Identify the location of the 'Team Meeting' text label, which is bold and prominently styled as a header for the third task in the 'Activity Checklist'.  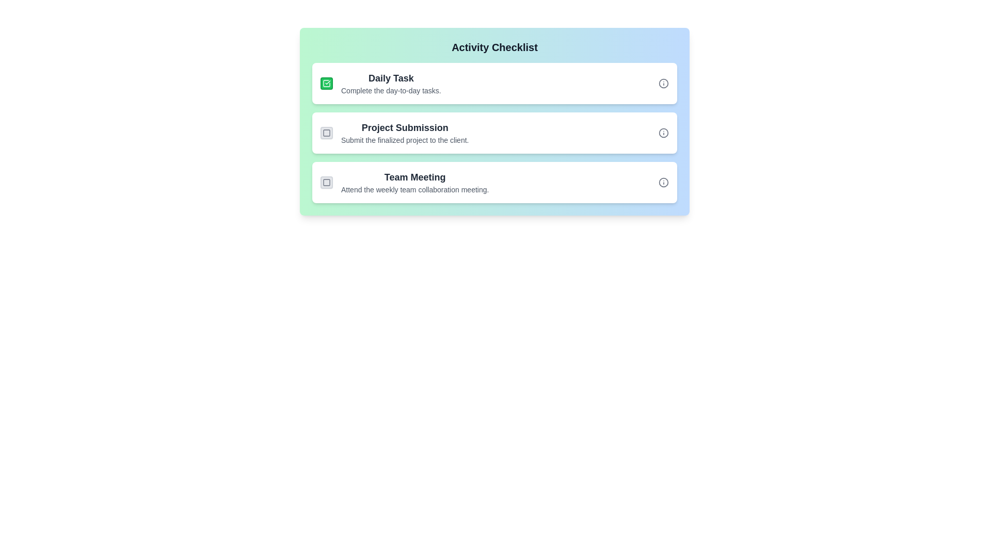
(415, 176).